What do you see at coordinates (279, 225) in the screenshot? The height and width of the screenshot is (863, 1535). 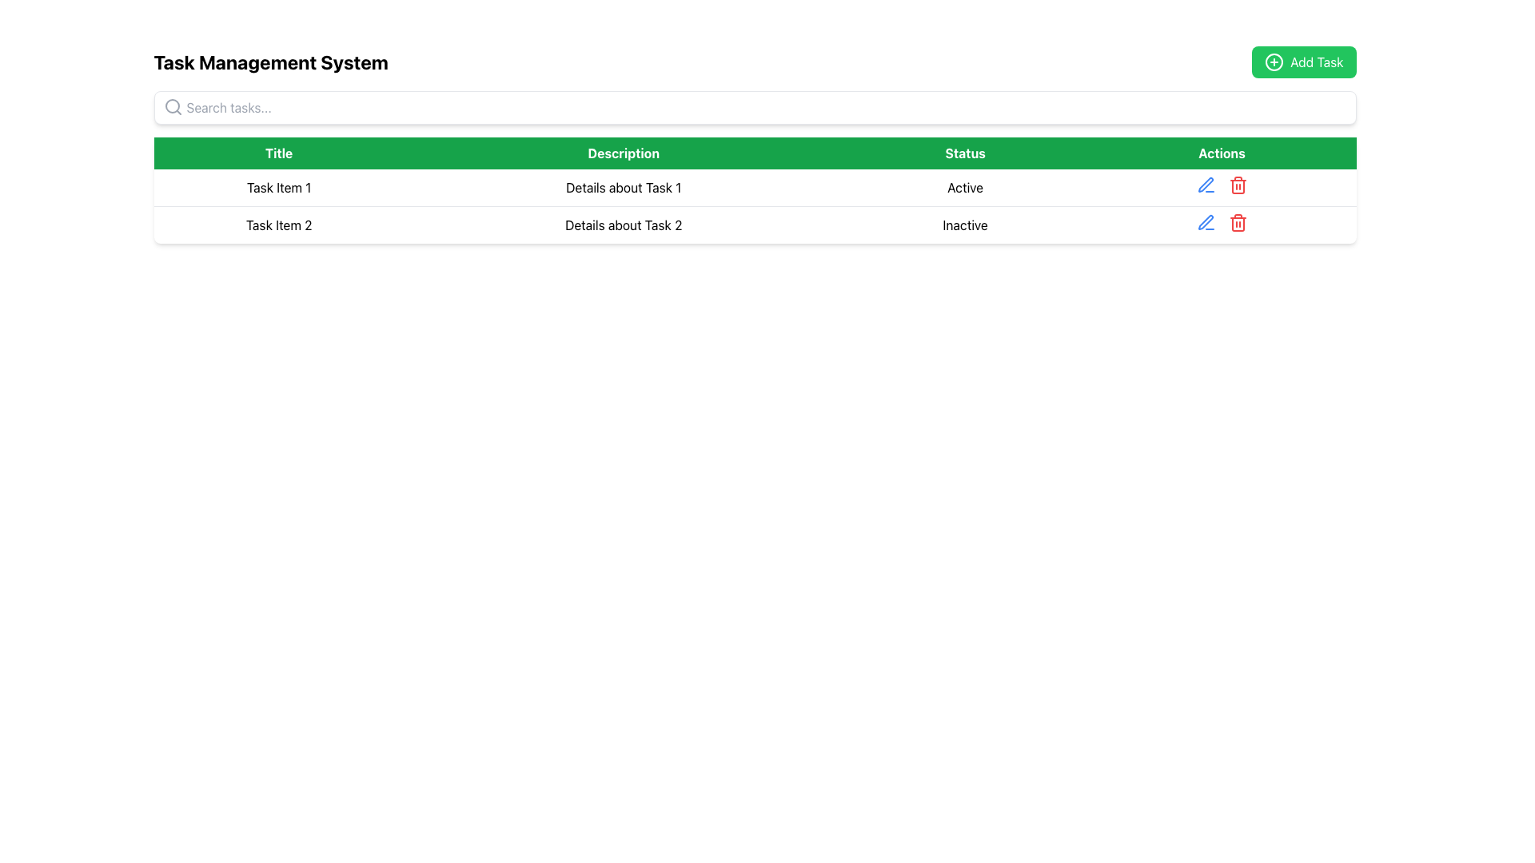 I see `the Text Label indicating the title of the task in the second row of the table under the 'Title' column, positioned below 'Task Item 1'` at bounding box center [279, 225].